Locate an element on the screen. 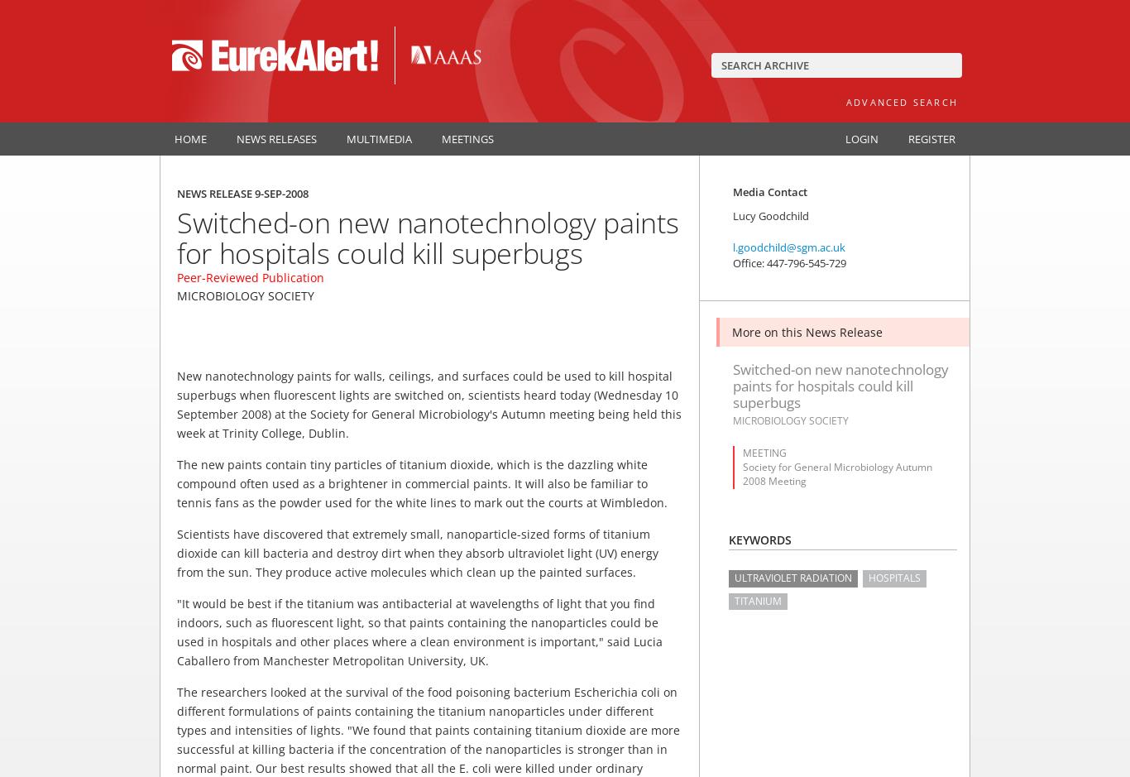 Image resolution: width=1130 pixels, height=777 pixels. 'Keywords' is located at coordinates (760, 540).